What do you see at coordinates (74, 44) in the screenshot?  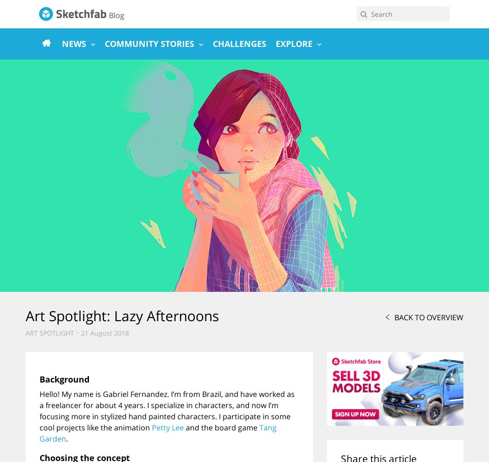 I see `'News'` at bounding box center [74, 44].